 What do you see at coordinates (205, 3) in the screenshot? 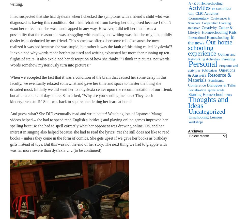
I see `'A - Z of Homeschooling'` at bounding box center [205, 3].